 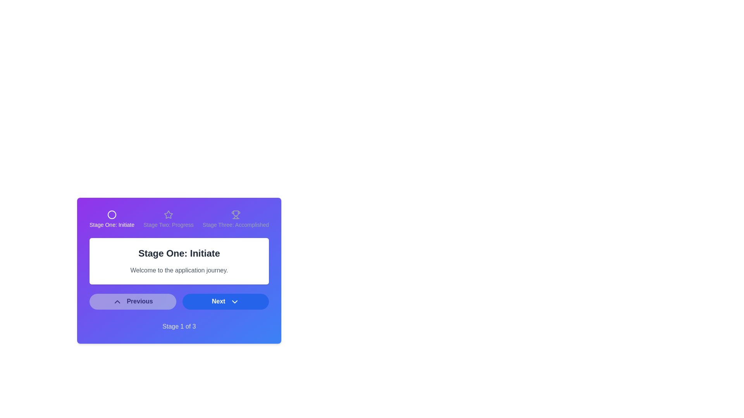 What do you see at coordinates (179, 326) in the screenshot?
I see `the text label displaying 'Stage 1 of 3', which is centrally positioned near the bottom of the section against a blue gradient background` at bounding box center [179, 326].